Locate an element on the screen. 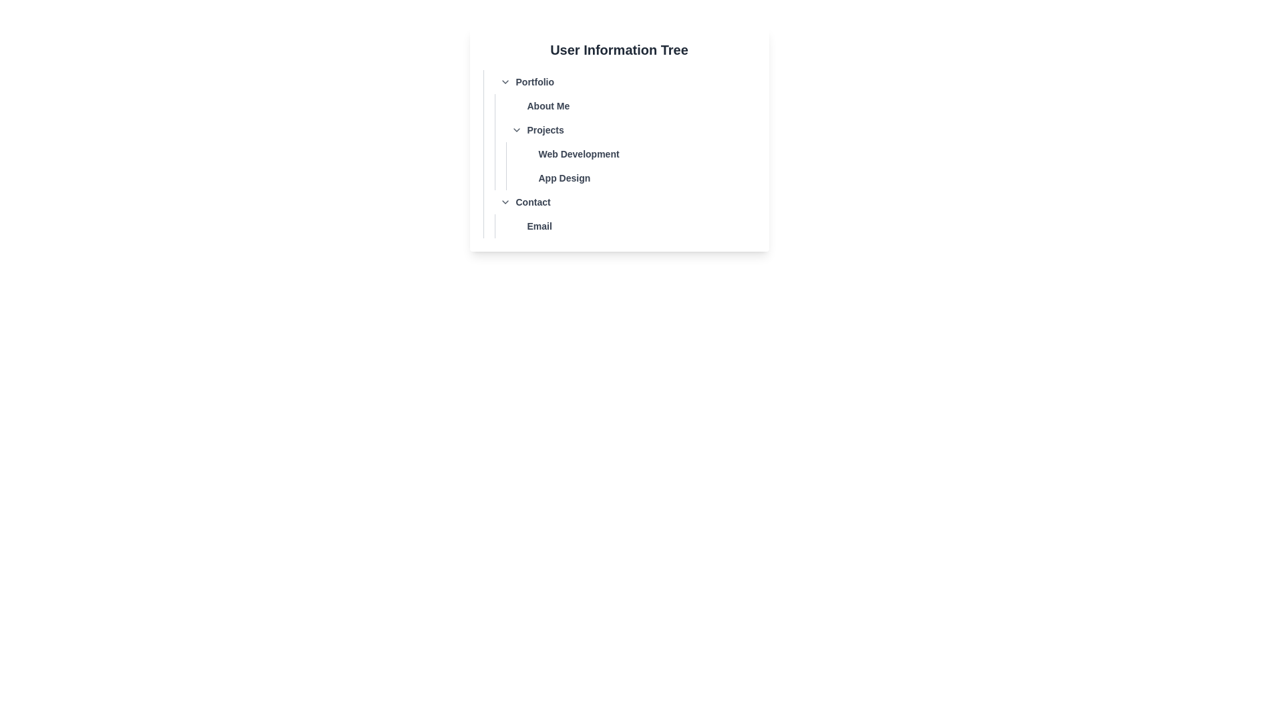 The image size is (1282, 721). the sub-elements of the 'User Information Tree', which is a titled section with a bold font and dark color, positioned between 'About Me' and 'Web Development' is located at coordinates (618, 139).